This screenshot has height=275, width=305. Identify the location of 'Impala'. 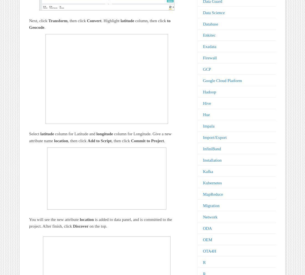
(202, 126).